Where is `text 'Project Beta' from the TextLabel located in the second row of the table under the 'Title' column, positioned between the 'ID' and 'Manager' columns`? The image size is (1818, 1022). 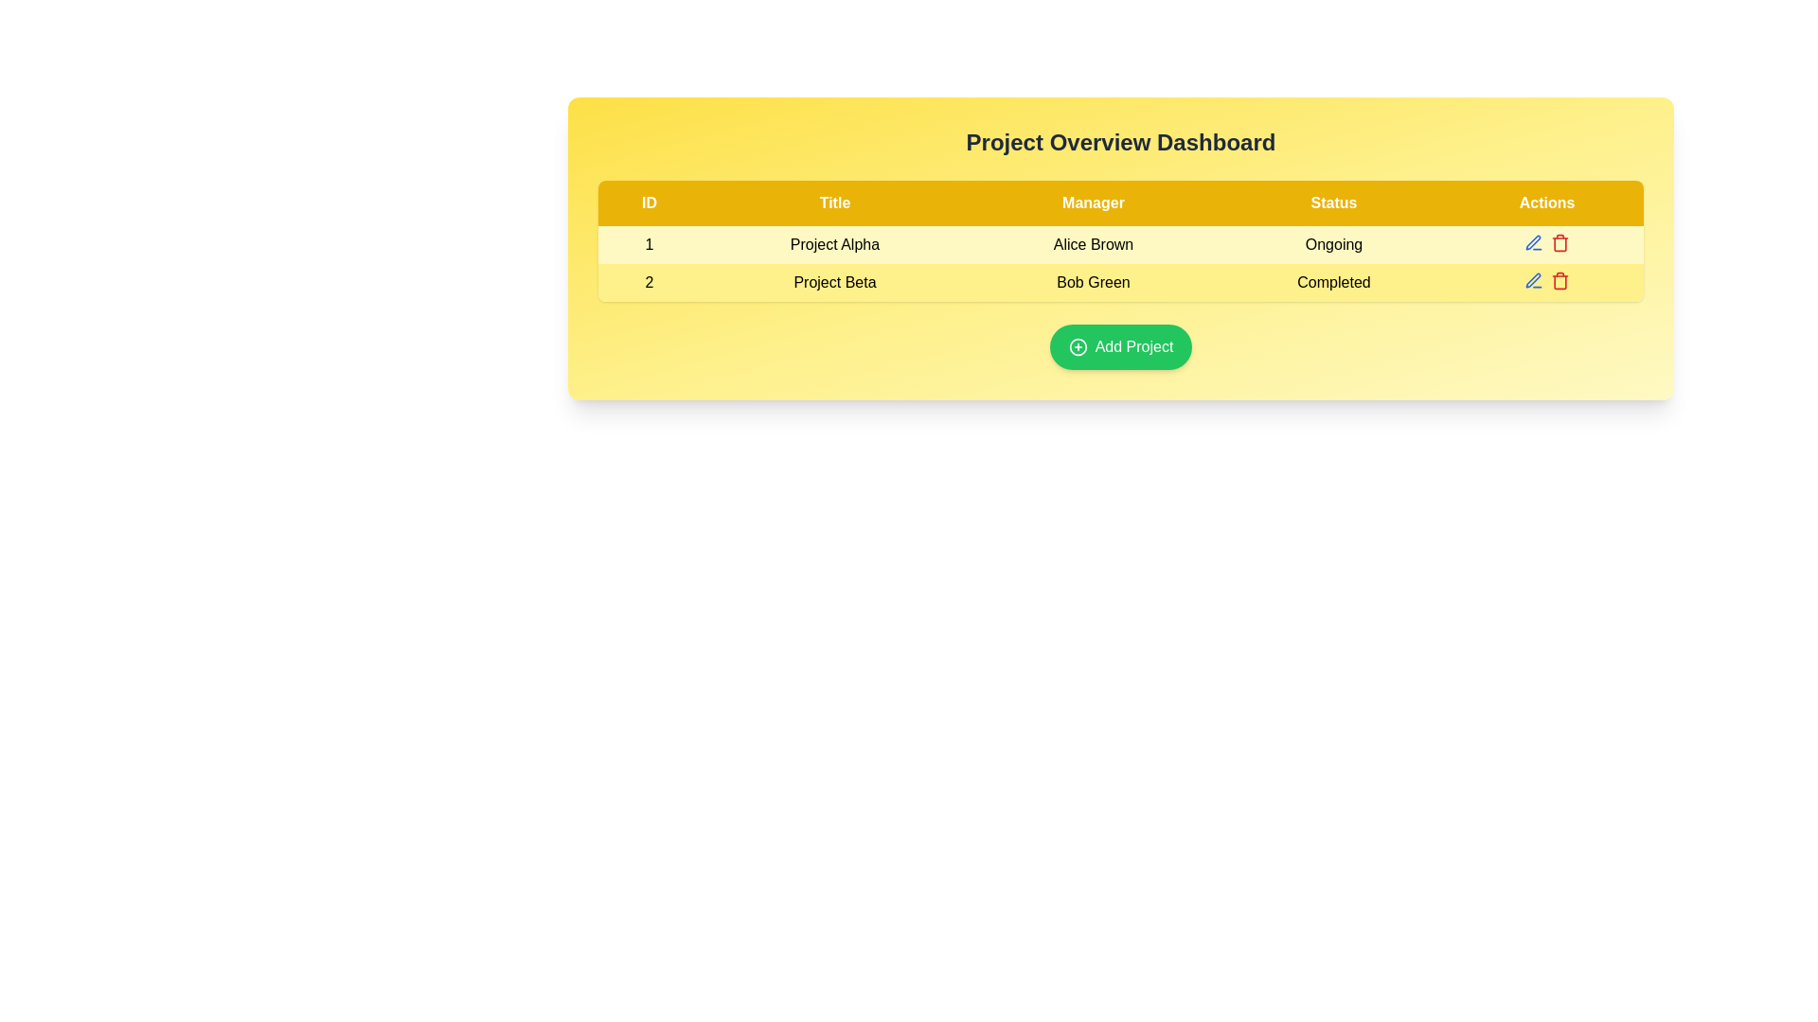 text 'Project Beta' from the TextLabel located in the second row of the table under the 'Title' column, positioned between the 'ID' and 'Manager' columns is located at coordinates (834, 283).